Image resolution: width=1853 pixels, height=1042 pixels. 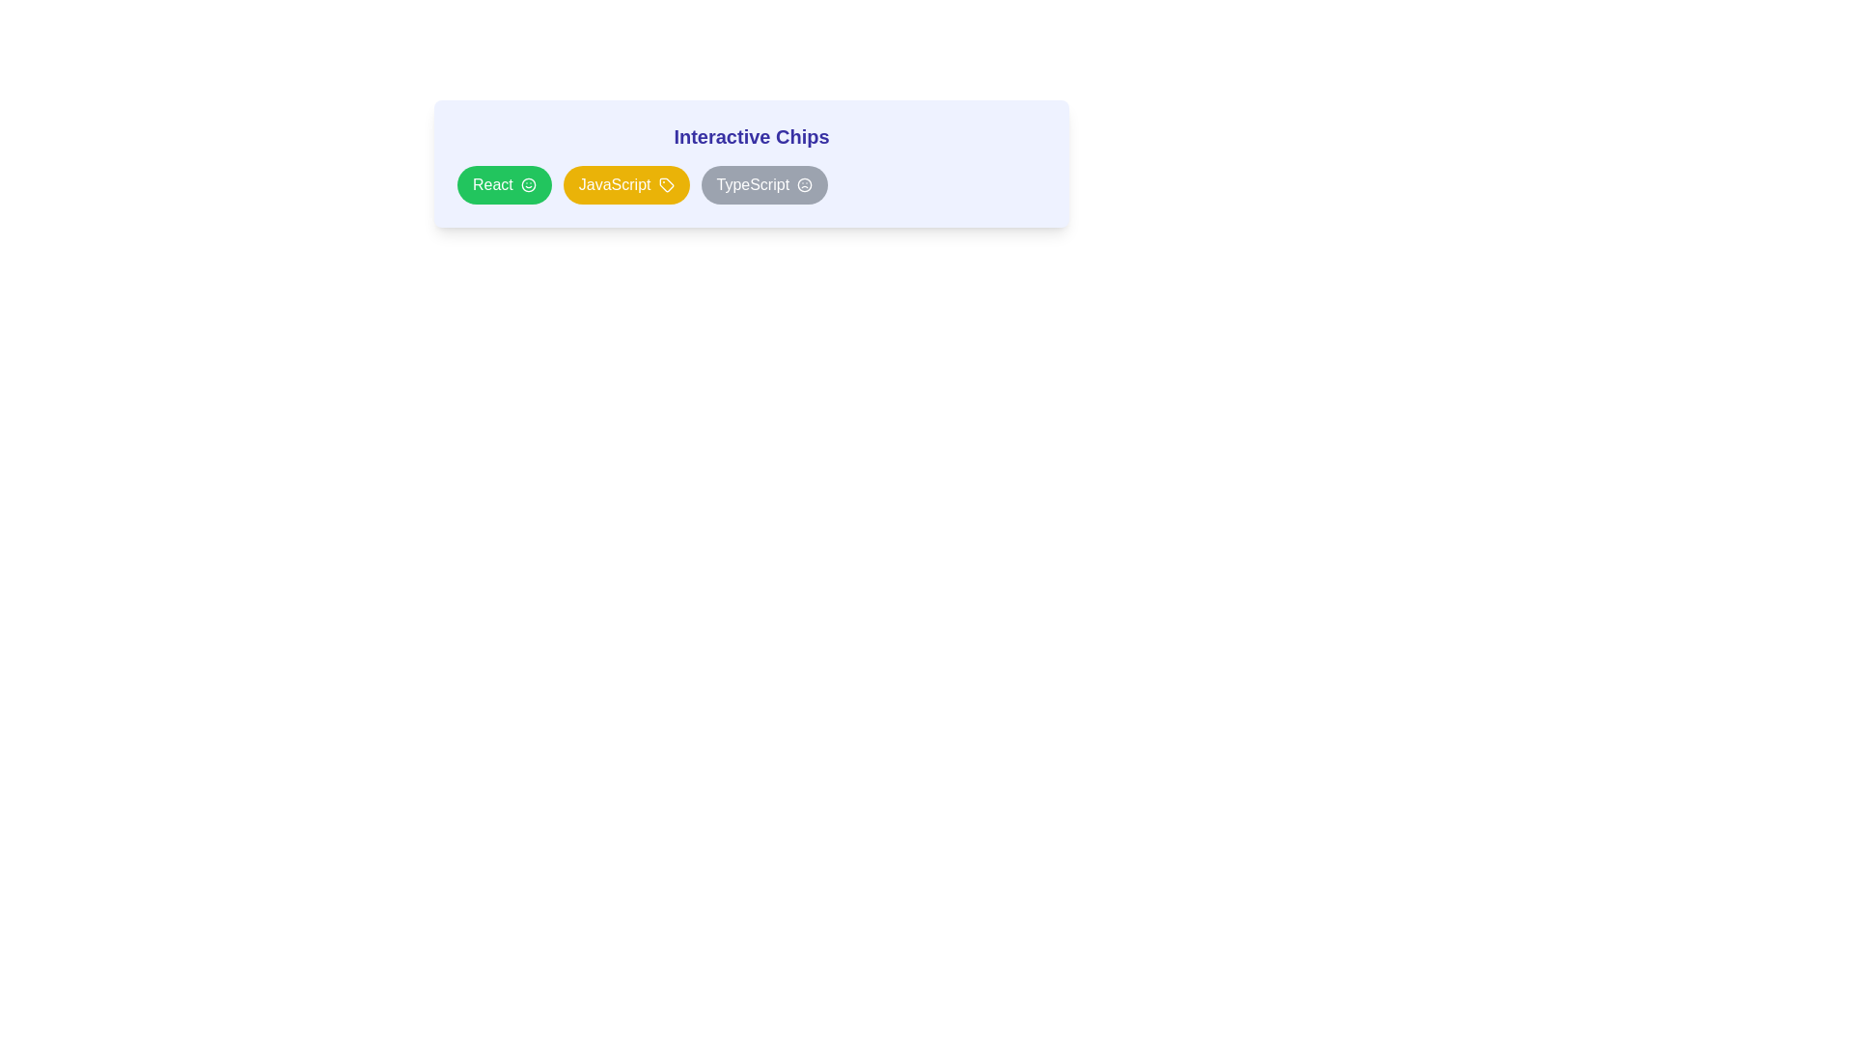 I want to click on within the empty space of the Card with grouped selectable buttons to deselect any selected options, so click(x=750, y=162).